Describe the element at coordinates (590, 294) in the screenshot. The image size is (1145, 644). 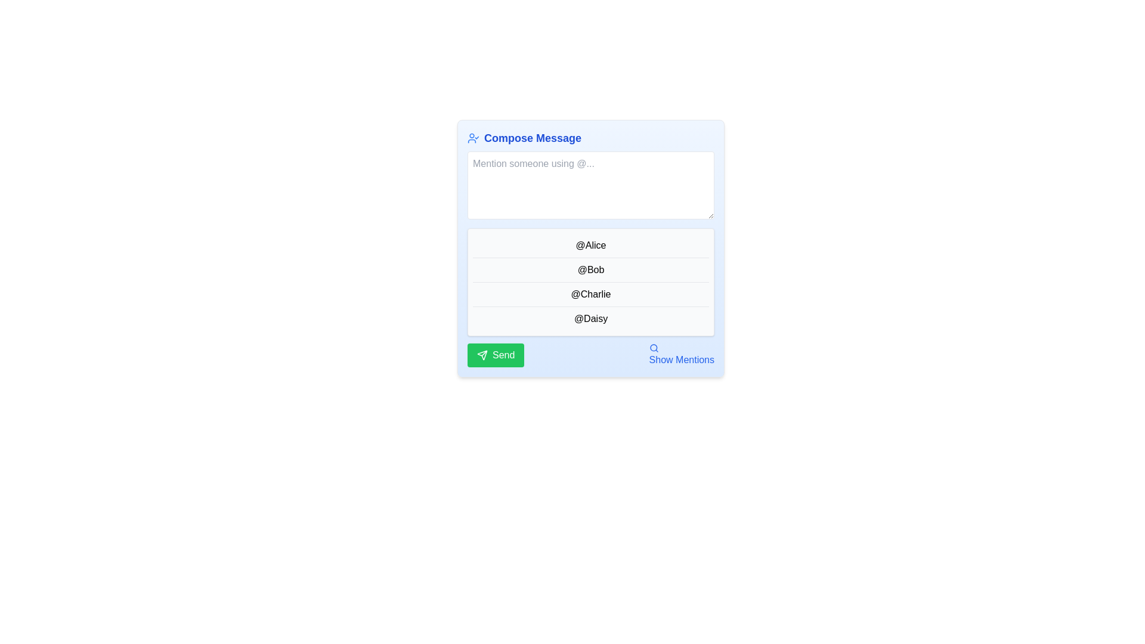
I see `the text item representing user '@Charlie' in the selectable list, which is the third item between '@Bob' and '@Daisy'` at that location.